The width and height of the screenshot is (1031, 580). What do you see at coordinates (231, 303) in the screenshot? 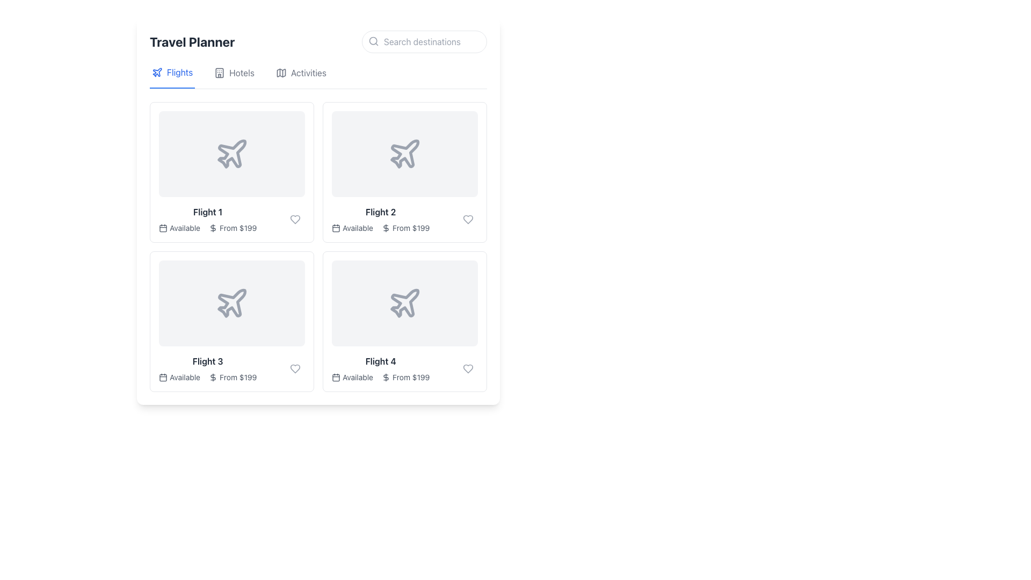
I see `the enclosing card of the flight option represented by the airplane graphic located in the 'Flight 3' card, which is the third card from the top left in a grid of four cards` at bounding box center [231, 303].